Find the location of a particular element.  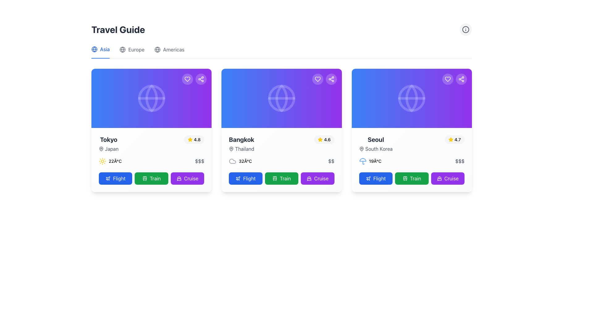

the decorative star symbol representing the rating value in the upper-right portion of the Bangkok card is located at coordinates (320, 139).